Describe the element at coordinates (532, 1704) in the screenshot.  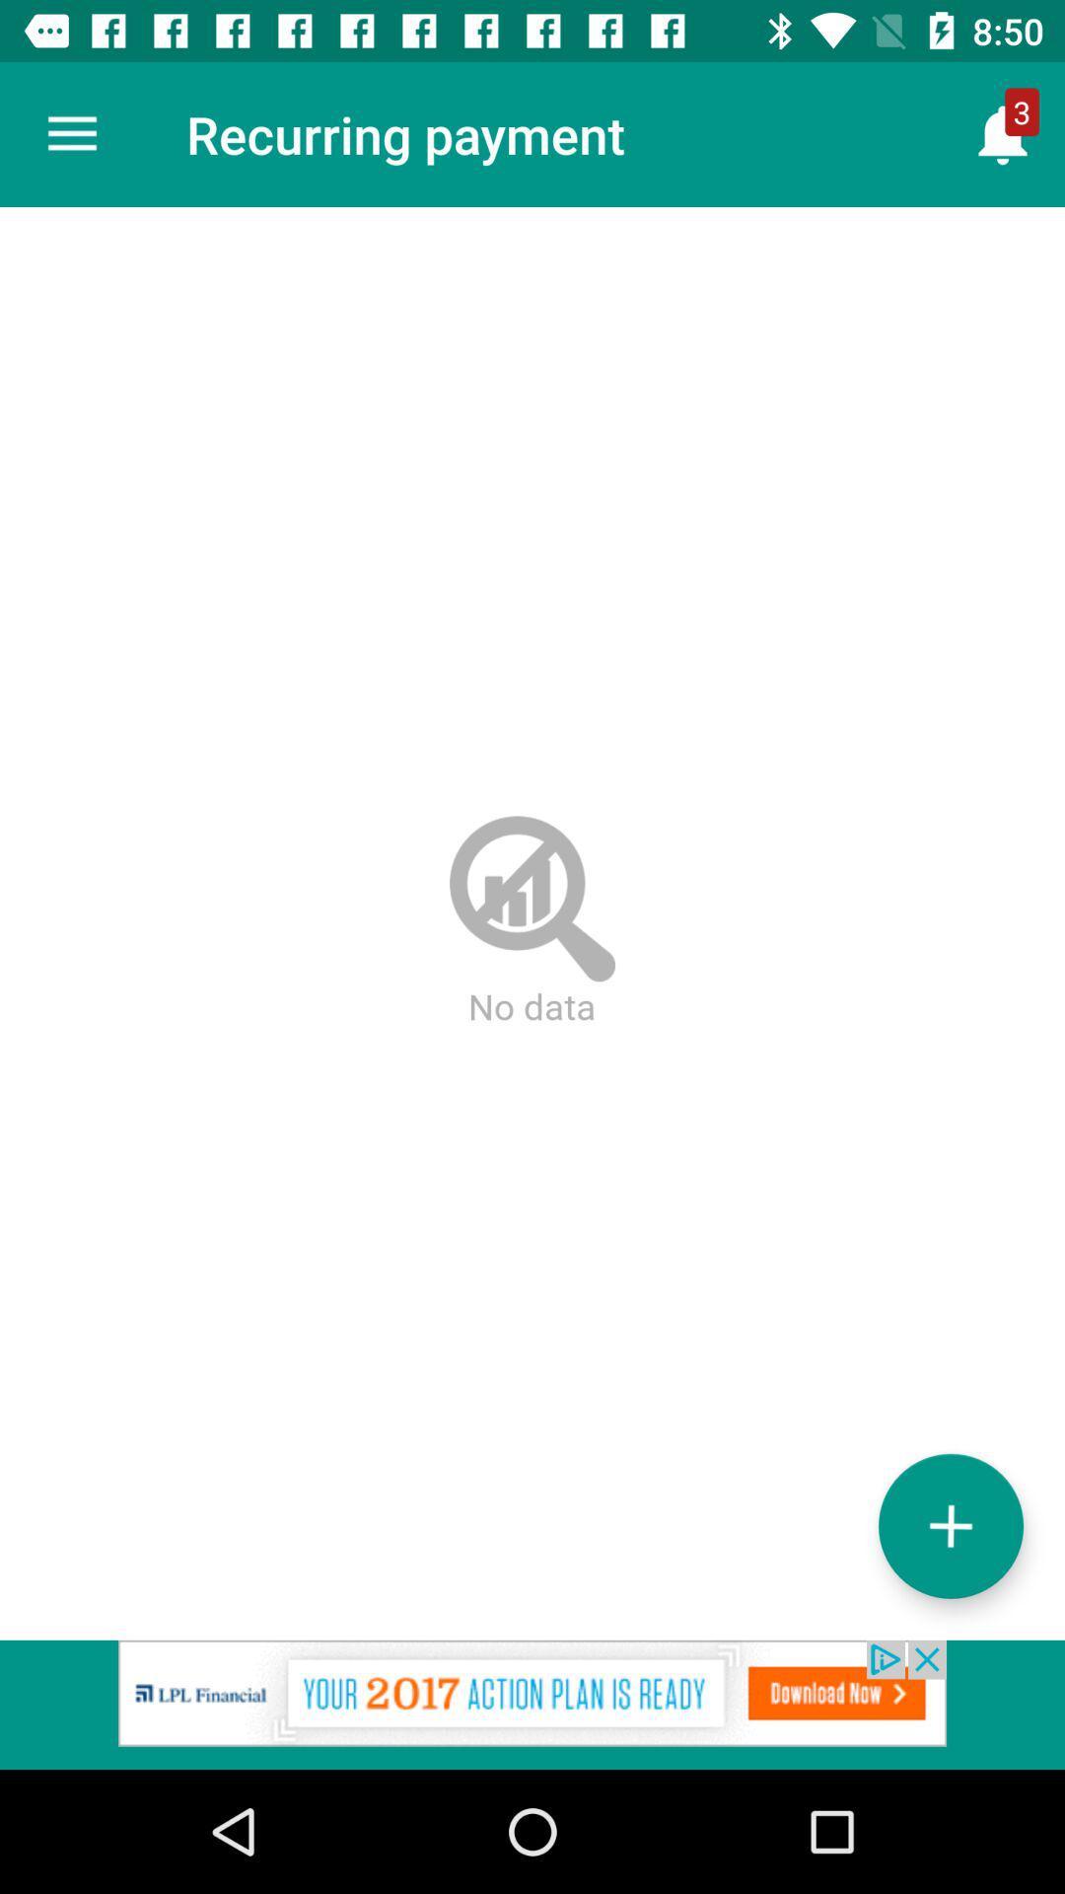
I see `advertisement banner` at that location.